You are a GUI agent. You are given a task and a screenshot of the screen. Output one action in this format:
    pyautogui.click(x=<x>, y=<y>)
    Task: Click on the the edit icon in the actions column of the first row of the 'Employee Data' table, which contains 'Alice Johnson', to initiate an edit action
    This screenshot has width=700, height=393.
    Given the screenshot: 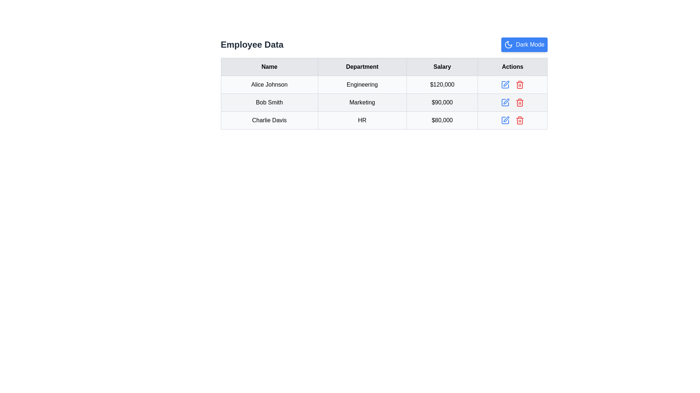 What is the action you would take?
    pyautogui.click(x=505, y=84)
    